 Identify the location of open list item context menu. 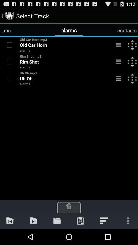
(119, 78).